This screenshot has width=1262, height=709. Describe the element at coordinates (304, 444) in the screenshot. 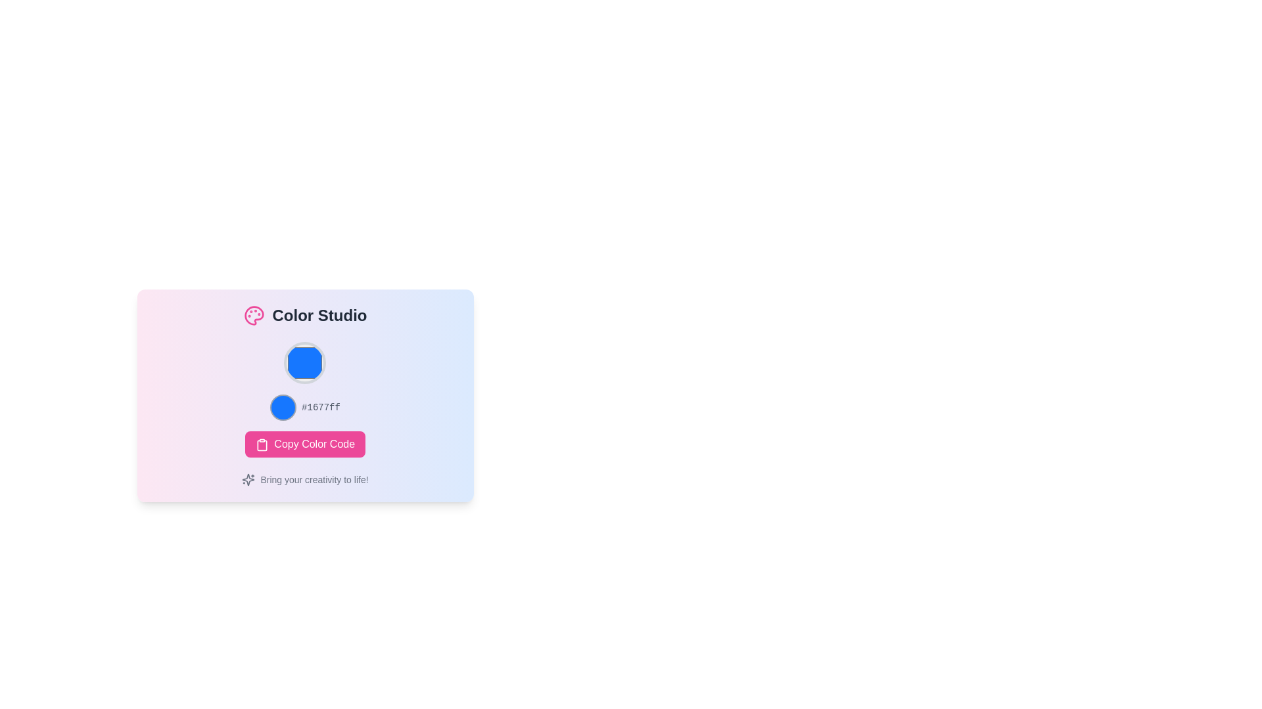

I see `the button located directly below the color code '#1677ff' to copy the color code to the clipboard` at that location.